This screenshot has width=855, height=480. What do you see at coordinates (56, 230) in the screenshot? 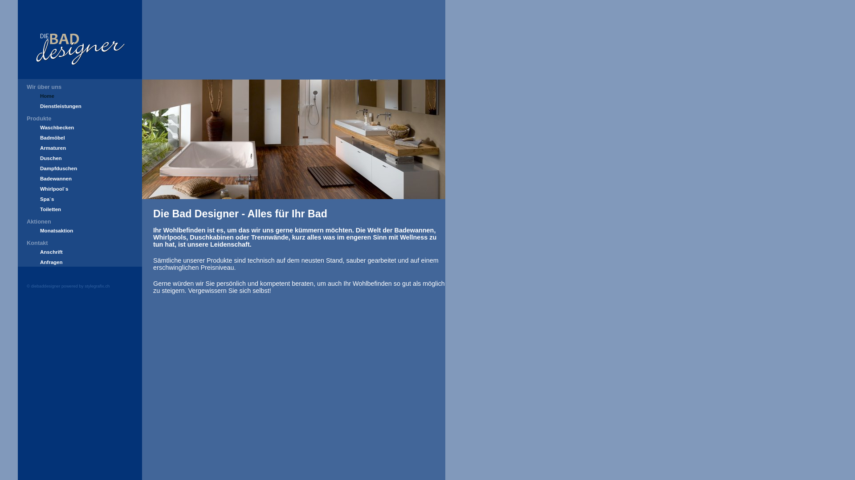
I see `'Monatsaktion'` at bounding box center [56, 230].